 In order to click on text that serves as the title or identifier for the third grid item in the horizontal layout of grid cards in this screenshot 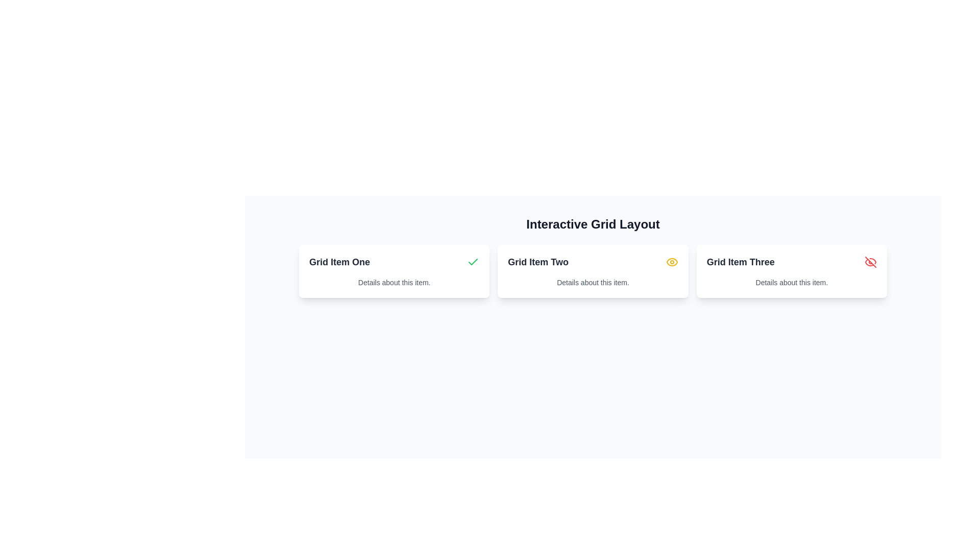, I will do `click(741, 261)`.